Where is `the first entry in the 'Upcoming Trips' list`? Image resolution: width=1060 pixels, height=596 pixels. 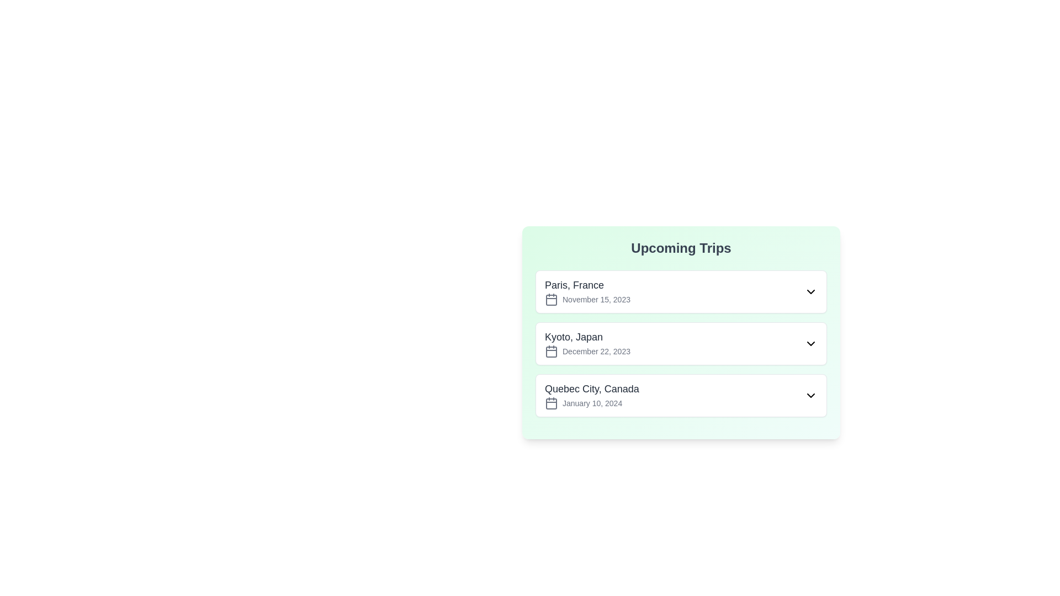
the first entry in the 'Upcoming Trips' list is located at coordinates (680, 291).